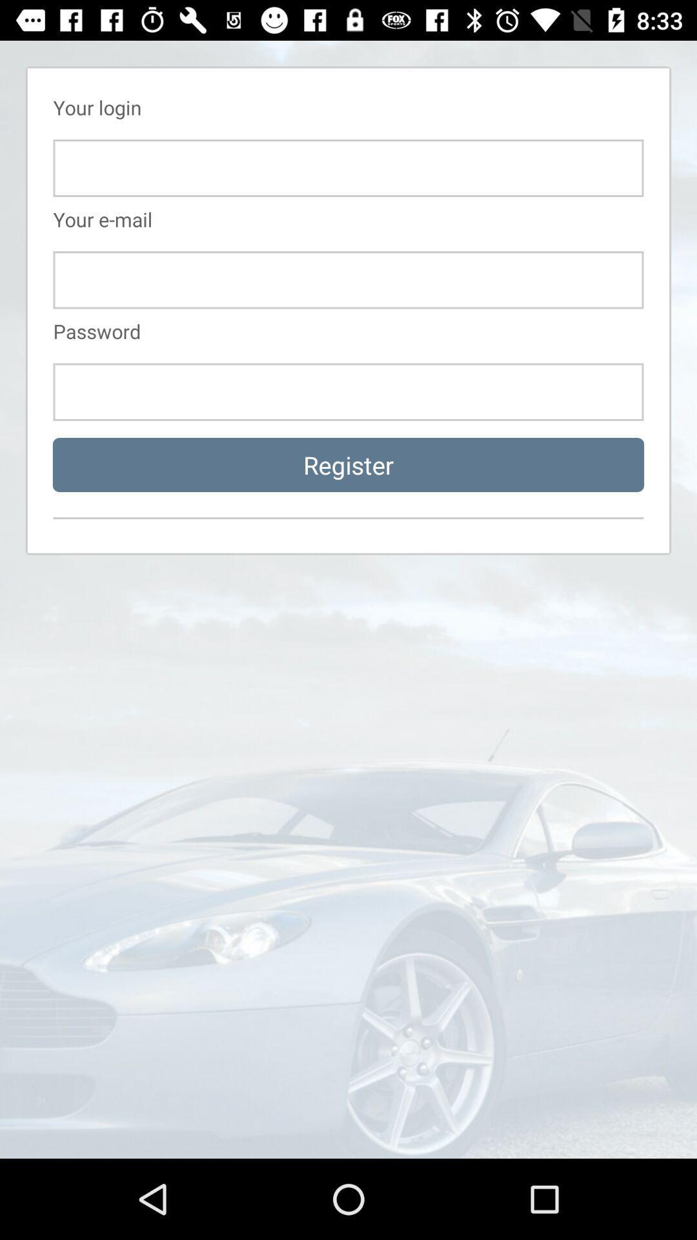 Image resolution: width=697 pixels, height=1240 pixels. I want to click on login id, so click(348, 167).